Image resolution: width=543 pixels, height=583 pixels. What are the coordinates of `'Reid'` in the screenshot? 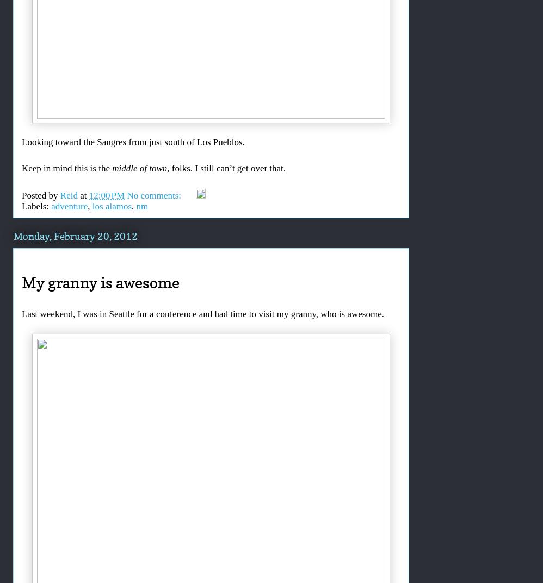 It's located at (69, 195).